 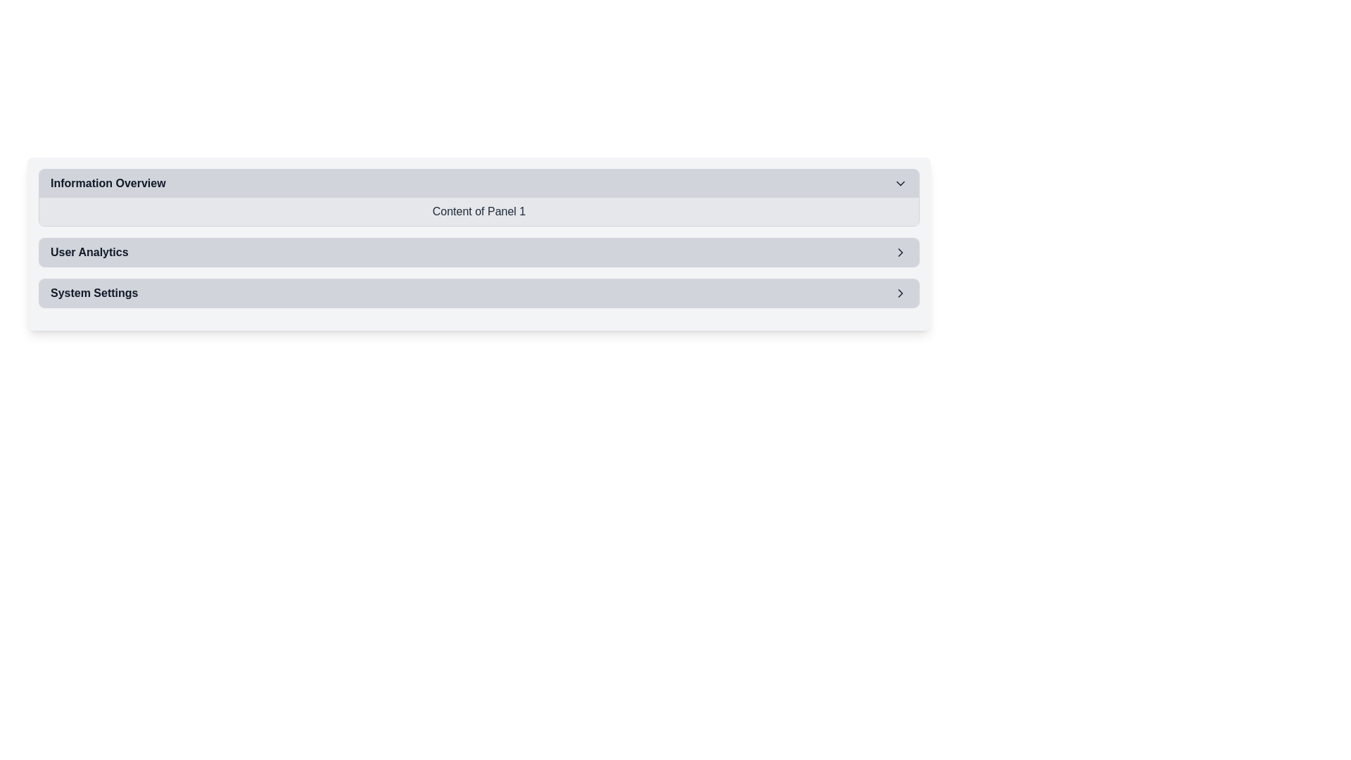 What do you see at coordinates (479, 292) in the screenshot?
I see `the Button for navigating to 'System Settings'` at bounding box center [479, 292].